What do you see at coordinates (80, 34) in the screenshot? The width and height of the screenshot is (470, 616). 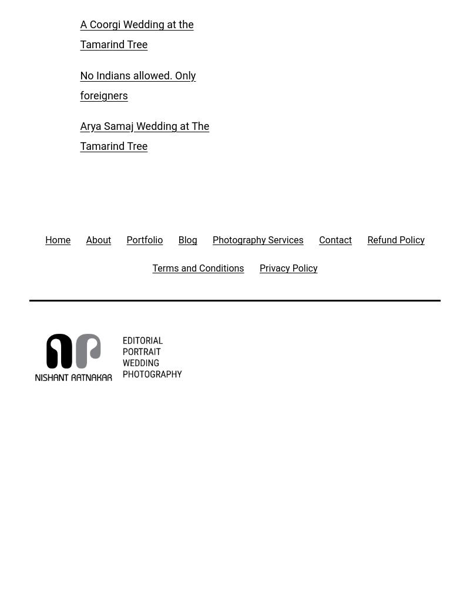 I see `'A Coorgi Wedding at the Tamarind Tree'` at bounding box center [80, 34].